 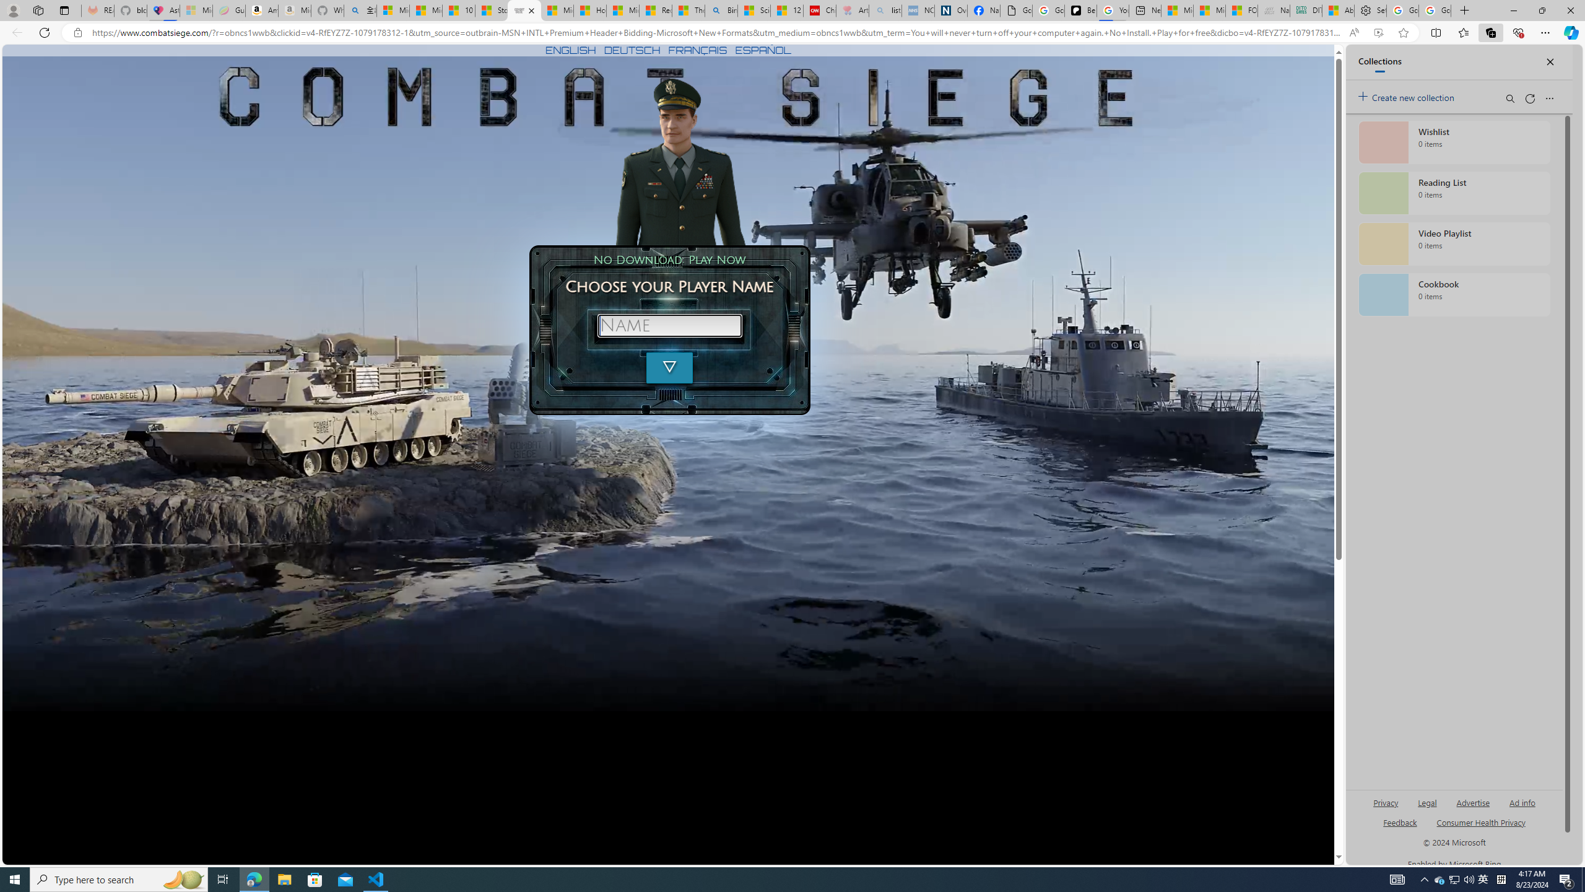 What do you see at coordinates (1400, 821) in the screenshot?
I see `'AutomationID: sb_feedback'` at bounding box center [1400, 821].